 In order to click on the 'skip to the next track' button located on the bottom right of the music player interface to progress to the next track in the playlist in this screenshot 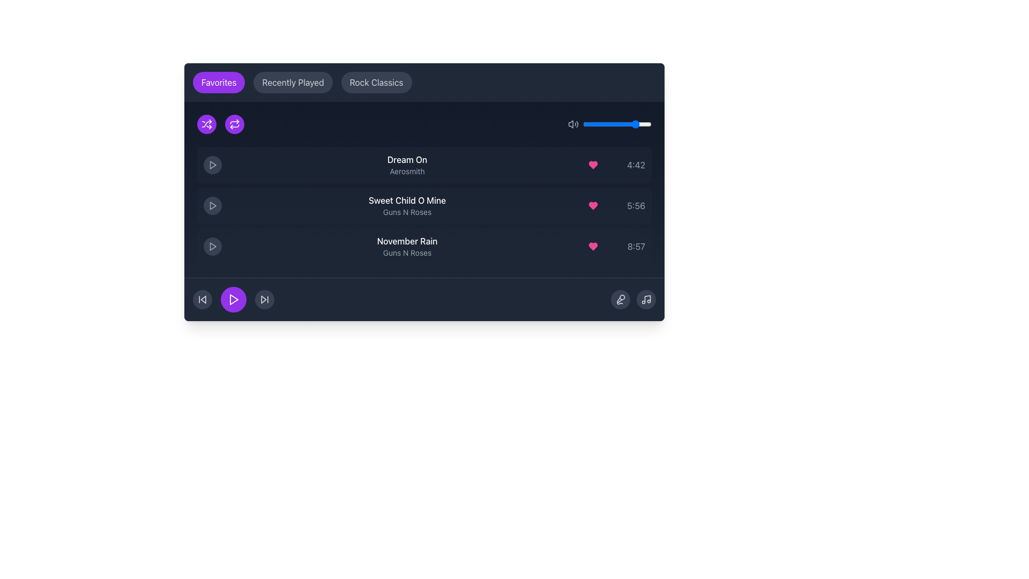, I will do `click(265, 300)`.